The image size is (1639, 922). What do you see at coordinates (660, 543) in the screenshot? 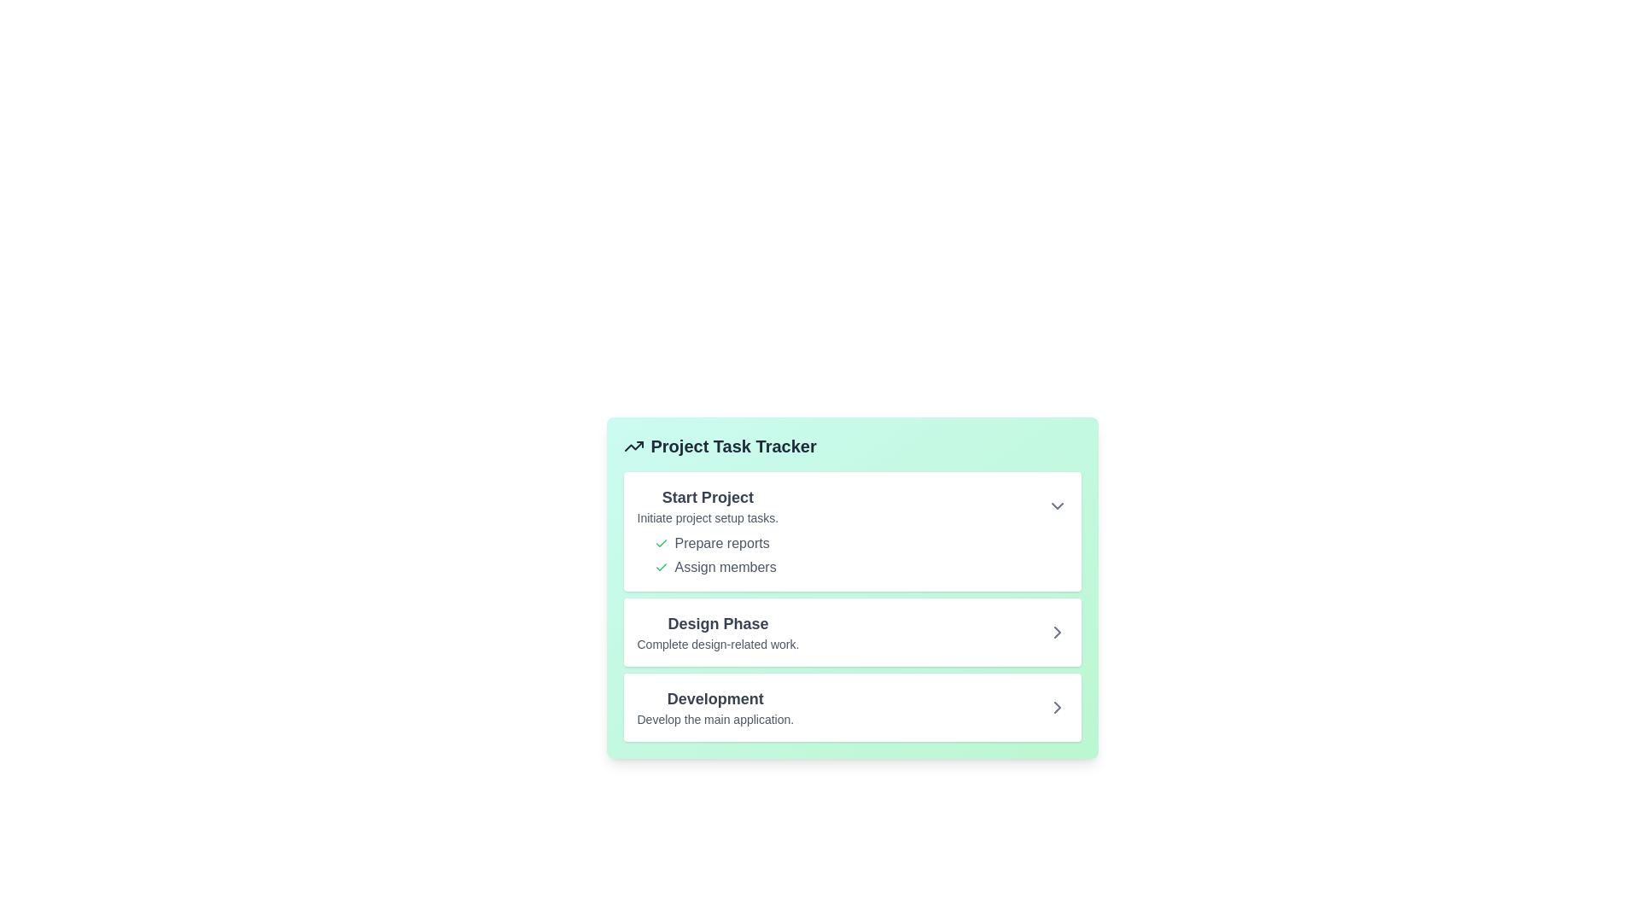
I see `the step Prepare reports in the expanded task` at bounding box center [660, 543].